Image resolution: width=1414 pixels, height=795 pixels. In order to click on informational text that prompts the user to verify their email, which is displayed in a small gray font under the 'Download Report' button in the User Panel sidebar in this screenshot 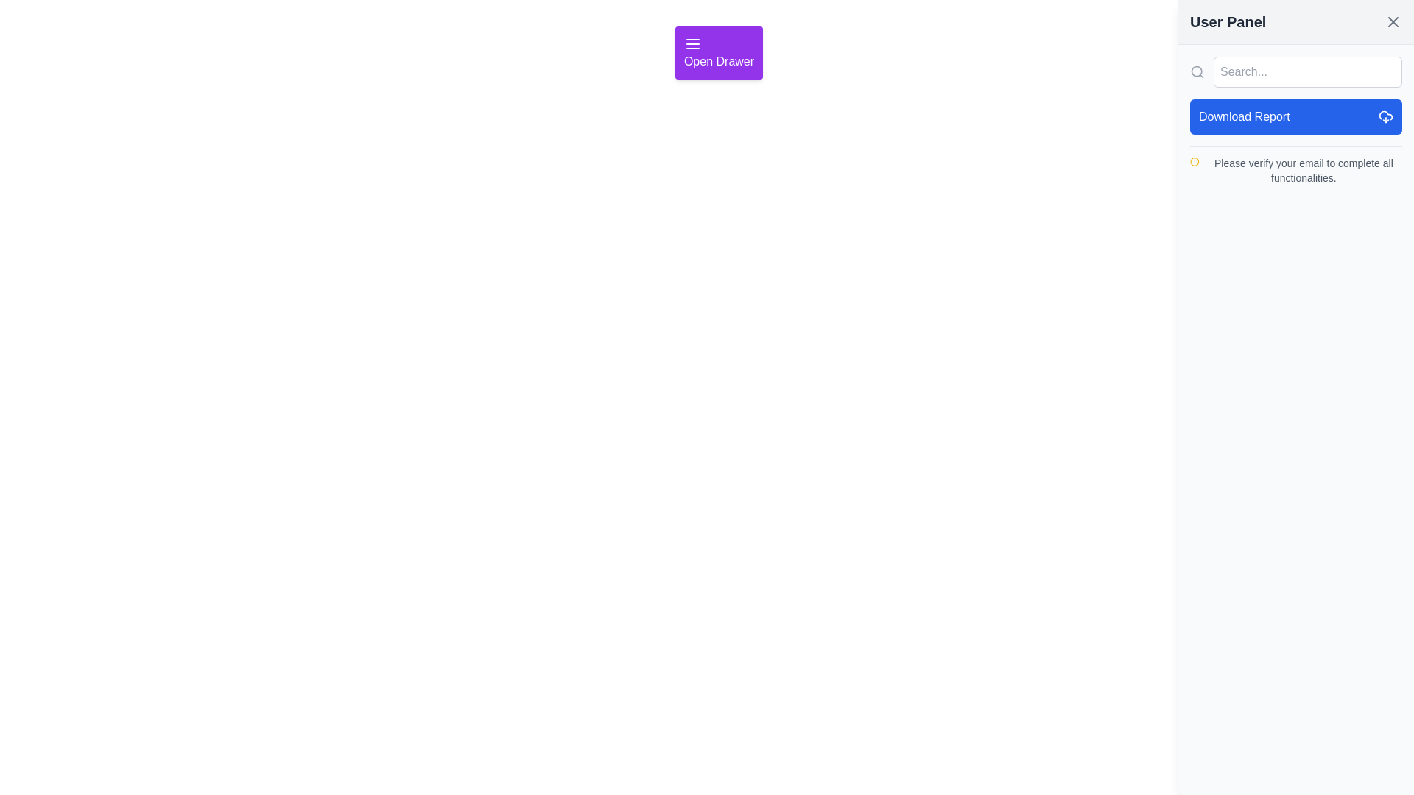, I will do `click(1296, 169)`.